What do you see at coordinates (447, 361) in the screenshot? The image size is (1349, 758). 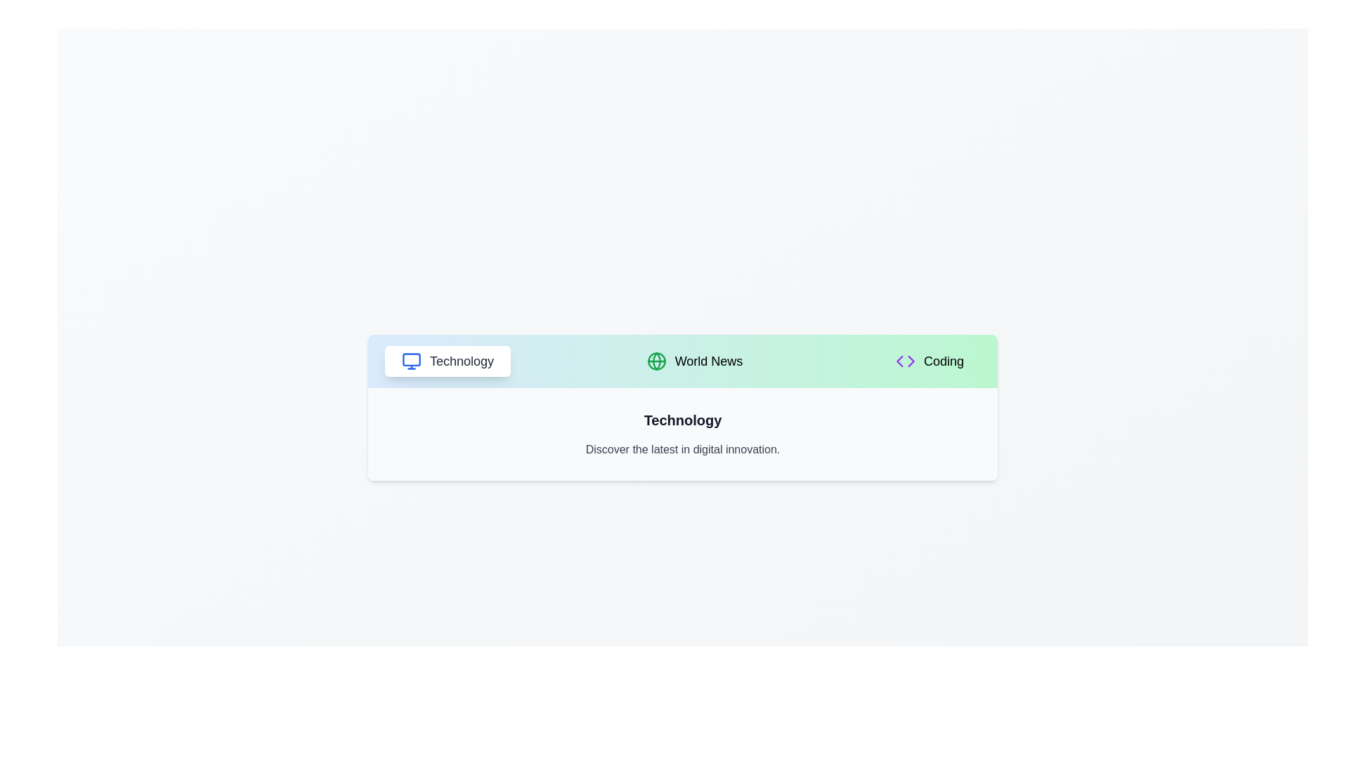 I see `the tab labeled Technology to inspect its icon and label` at bounding box center [447, 361].